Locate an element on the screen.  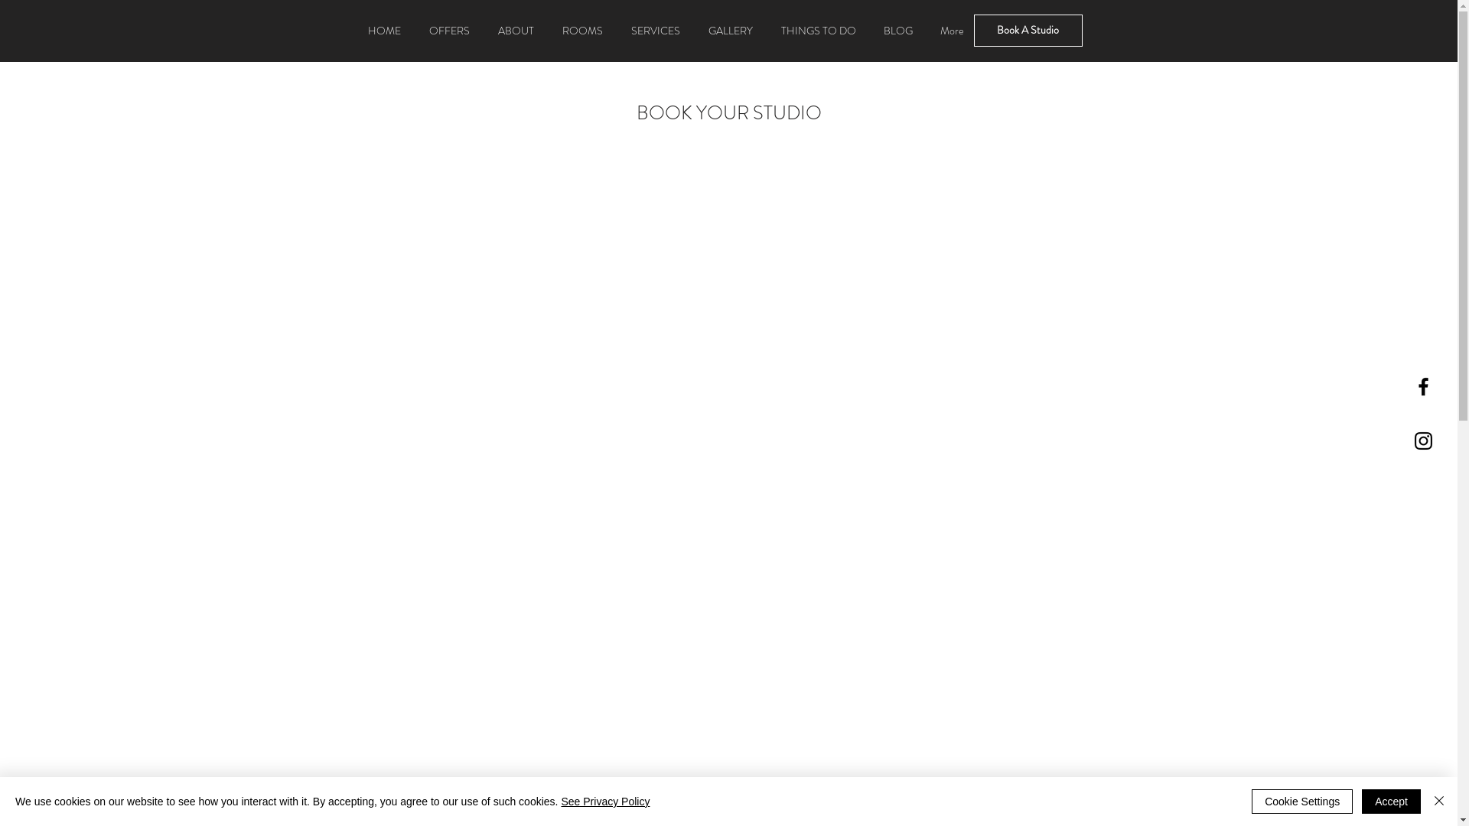
'See Privacy Policy' is located at coordinates (560, 801).